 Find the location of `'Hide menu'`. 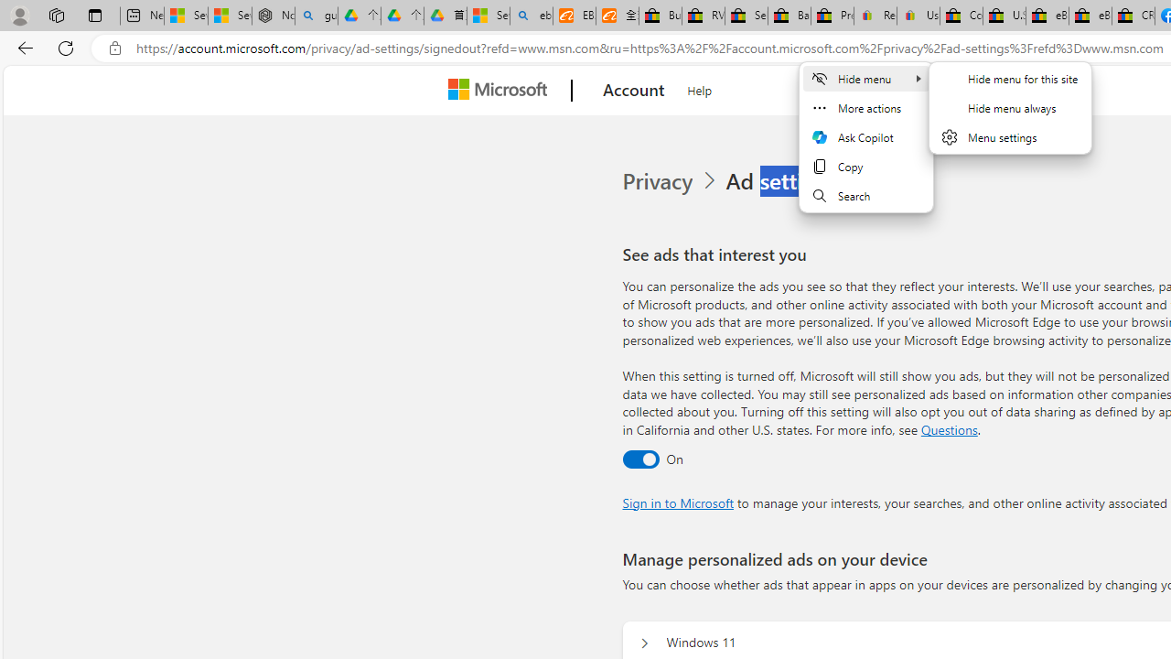

'Hide menu' is located at coordinates (865, 78).